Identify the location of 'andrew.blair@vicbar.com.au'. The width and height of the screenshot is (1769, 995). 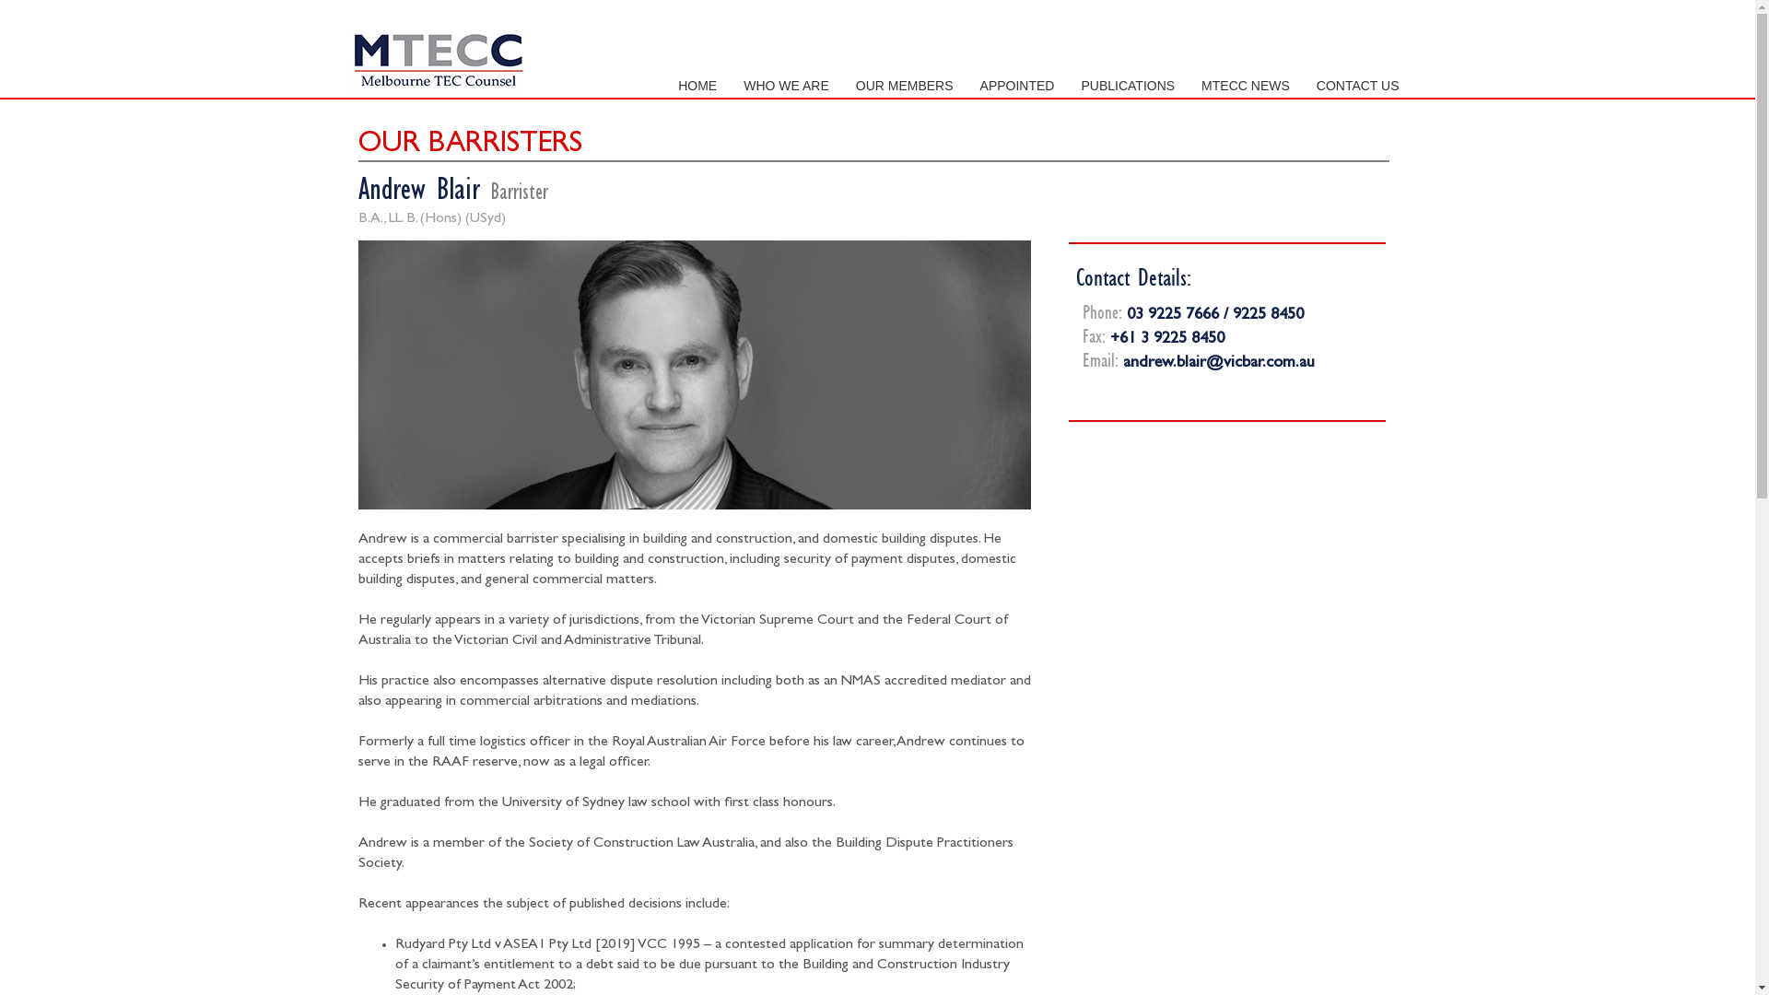
(1219, 363).